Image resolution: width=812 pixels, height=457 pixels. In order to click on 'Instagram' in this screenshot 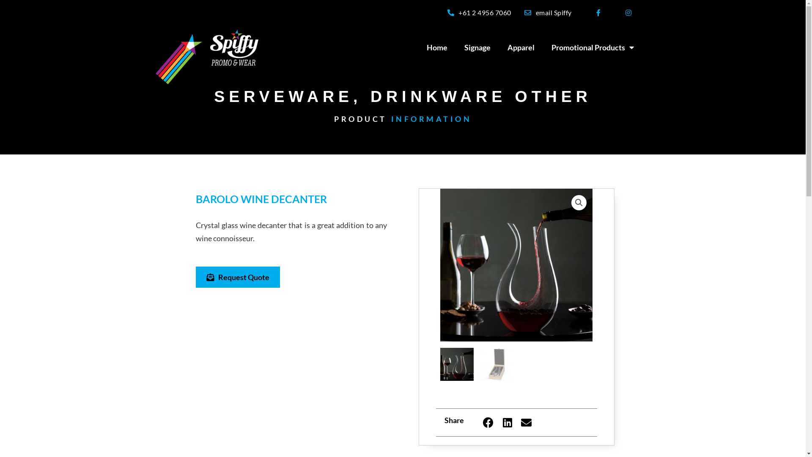, I will do `click(628, 12)`.